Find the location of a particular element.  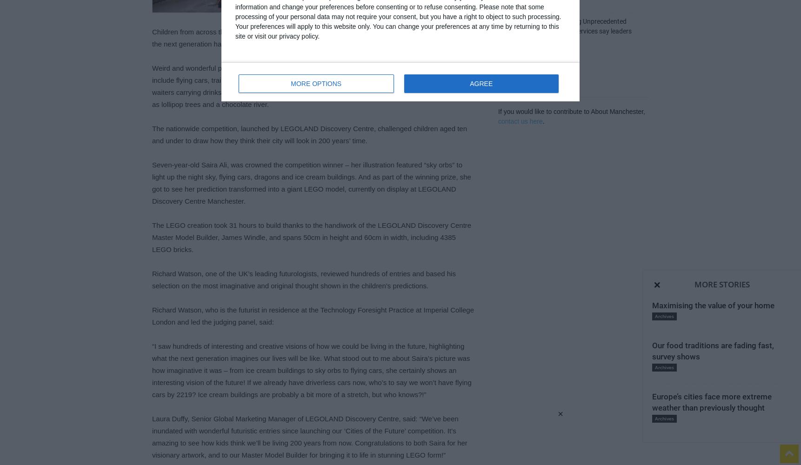

'The LEGO creation took 31 hours to build thanks to the handiwork of the LEGOLAND Discovery Centre Master Model Builder, James Windle, and spans 50cm in height and 60cm in width, including 4385 LEGO bricks.' is located at coordinates (312, 237).